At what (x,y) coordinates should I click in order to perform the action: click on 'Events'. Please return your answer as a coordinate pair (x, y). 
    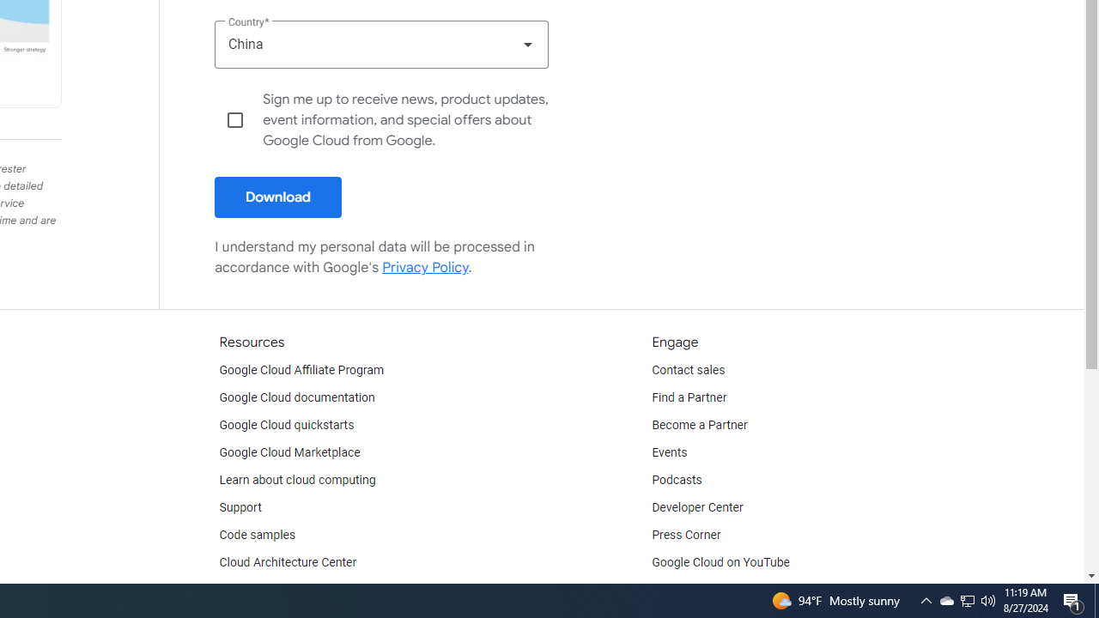
    Looking at the image, I should click on (669, 452).